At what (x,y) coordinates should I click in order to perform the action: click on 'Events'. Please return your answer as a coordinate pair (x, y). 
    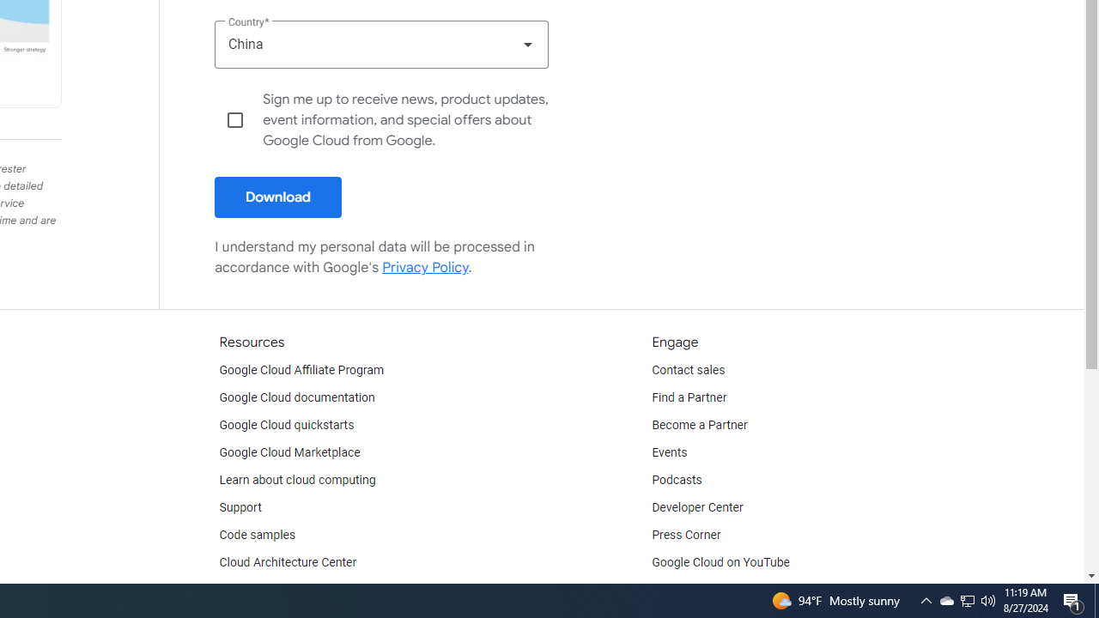
    Looking at the image, I should click on (669, 452).